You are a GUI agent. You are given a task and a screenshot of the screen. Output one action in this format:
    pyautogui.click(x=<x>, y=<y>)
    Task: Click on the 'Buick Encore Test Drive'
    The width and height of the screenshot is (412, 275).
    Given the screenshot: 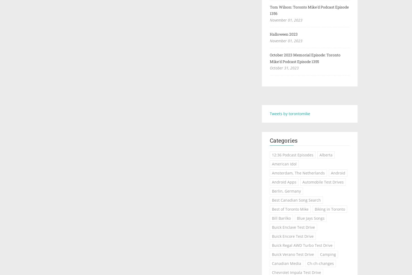 What is the action you would take?
    pyautogui.click(x=292, y=236)
    